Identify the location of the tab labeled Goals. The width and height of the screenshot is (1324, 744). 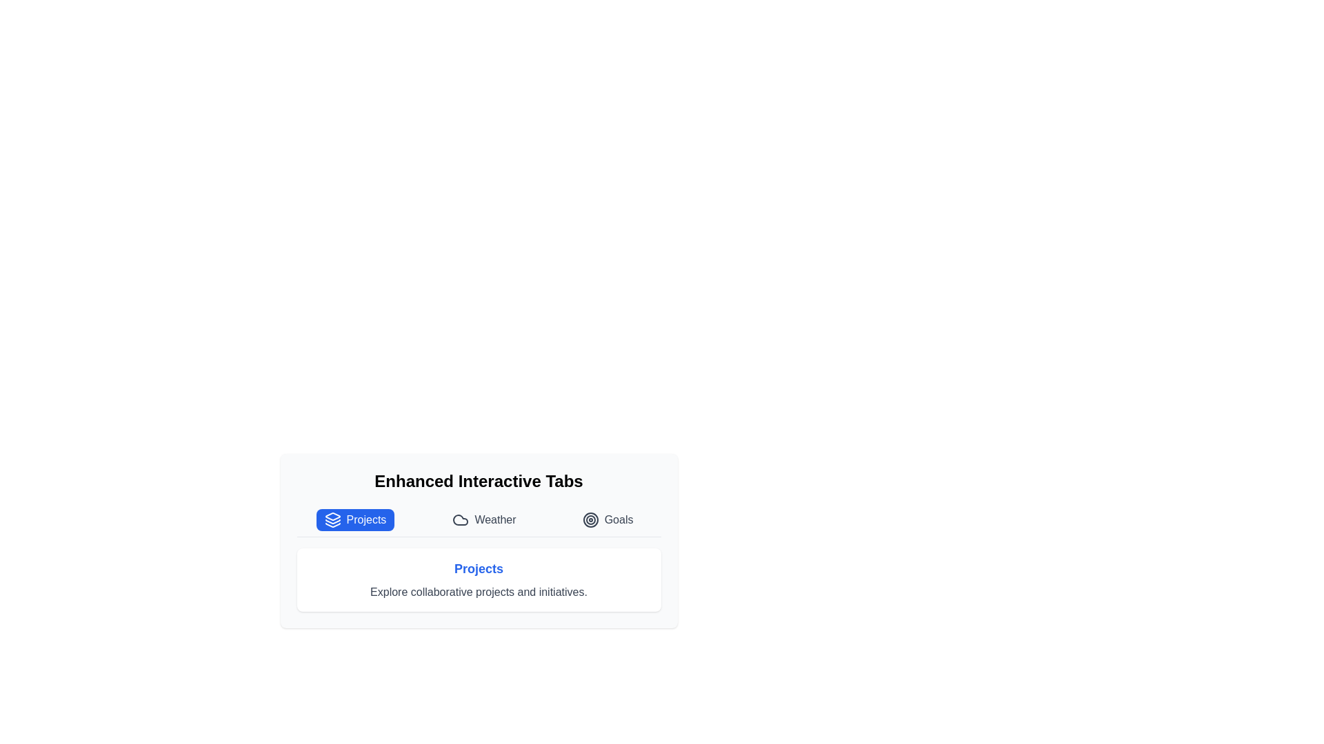
(607, 520).